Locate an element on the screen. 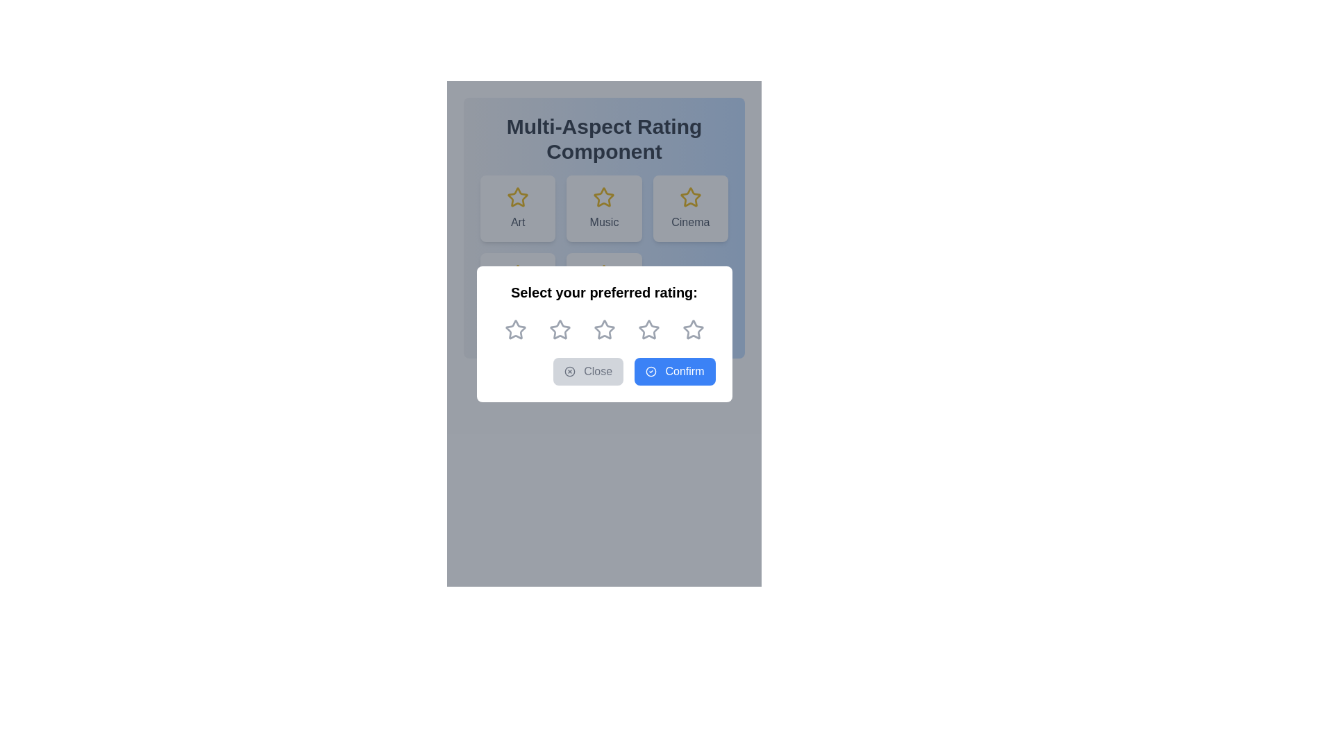 This screenshot has width=1333, height=749. the star icon representing the 'Art' category is located at coordinates (517, 197).